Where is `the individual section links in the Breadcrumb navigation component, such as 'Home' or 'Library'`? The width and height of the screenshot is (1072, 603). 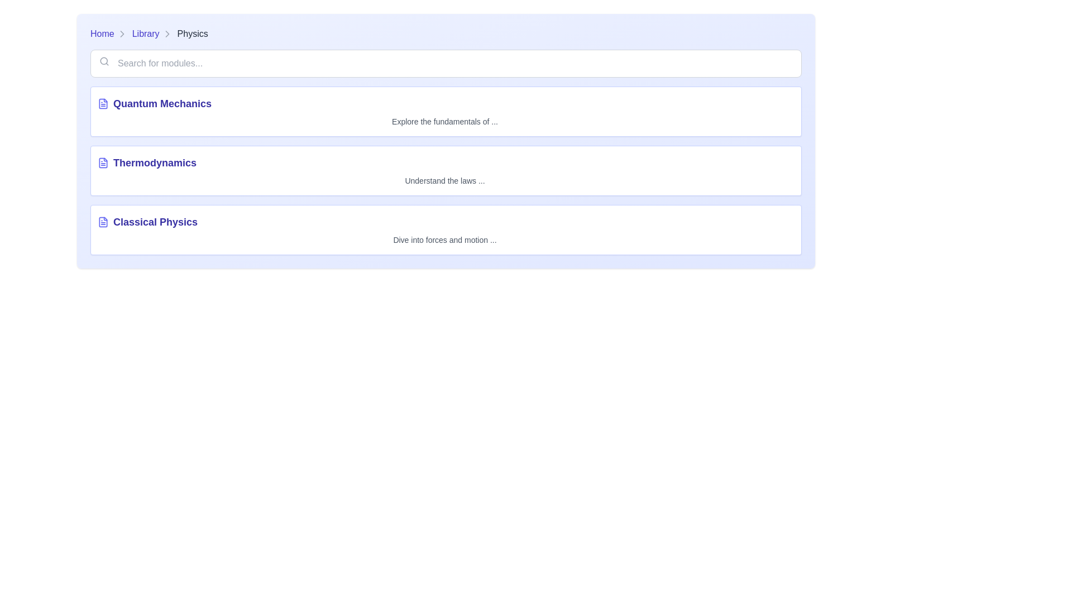 the individual section links in the Breadcrumb navigation component, such as 'Home' or 'Library' is located at coordinates (445, 33).